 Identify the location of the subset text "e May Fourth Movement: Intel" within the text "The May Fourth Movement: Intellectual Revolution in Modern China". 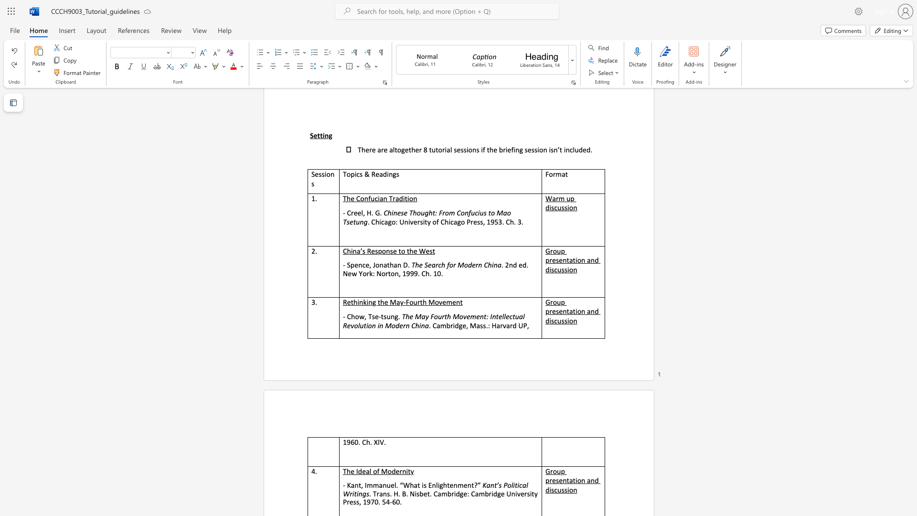
(409, 316).